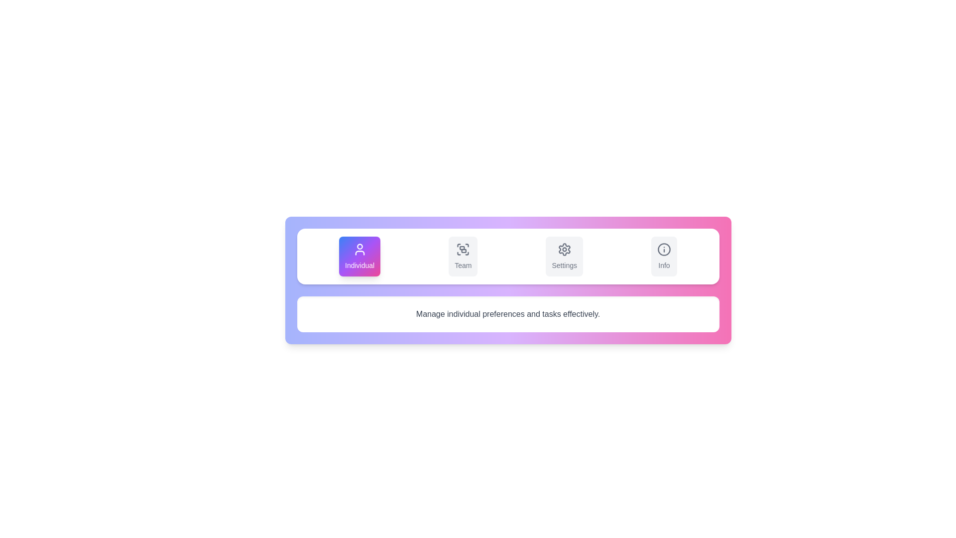  I want to click on the user silhouette icon centered within the 'Individual' button, which is the first in a row of four buttons, so click(359, 249).